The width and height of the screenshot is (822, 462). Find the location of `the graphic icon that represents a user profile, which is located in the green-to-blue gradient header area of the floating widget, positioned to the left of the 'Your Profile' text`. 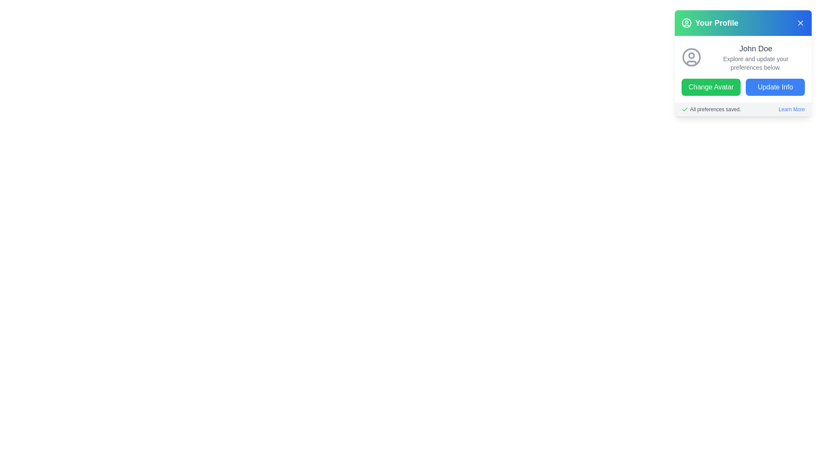

the graphic icon that represents a user profile, which is located in the green-to-blue gradient header area of the floating widget, positioned to the left of the 'Your Profile' text is located at coordinates (686, 23).